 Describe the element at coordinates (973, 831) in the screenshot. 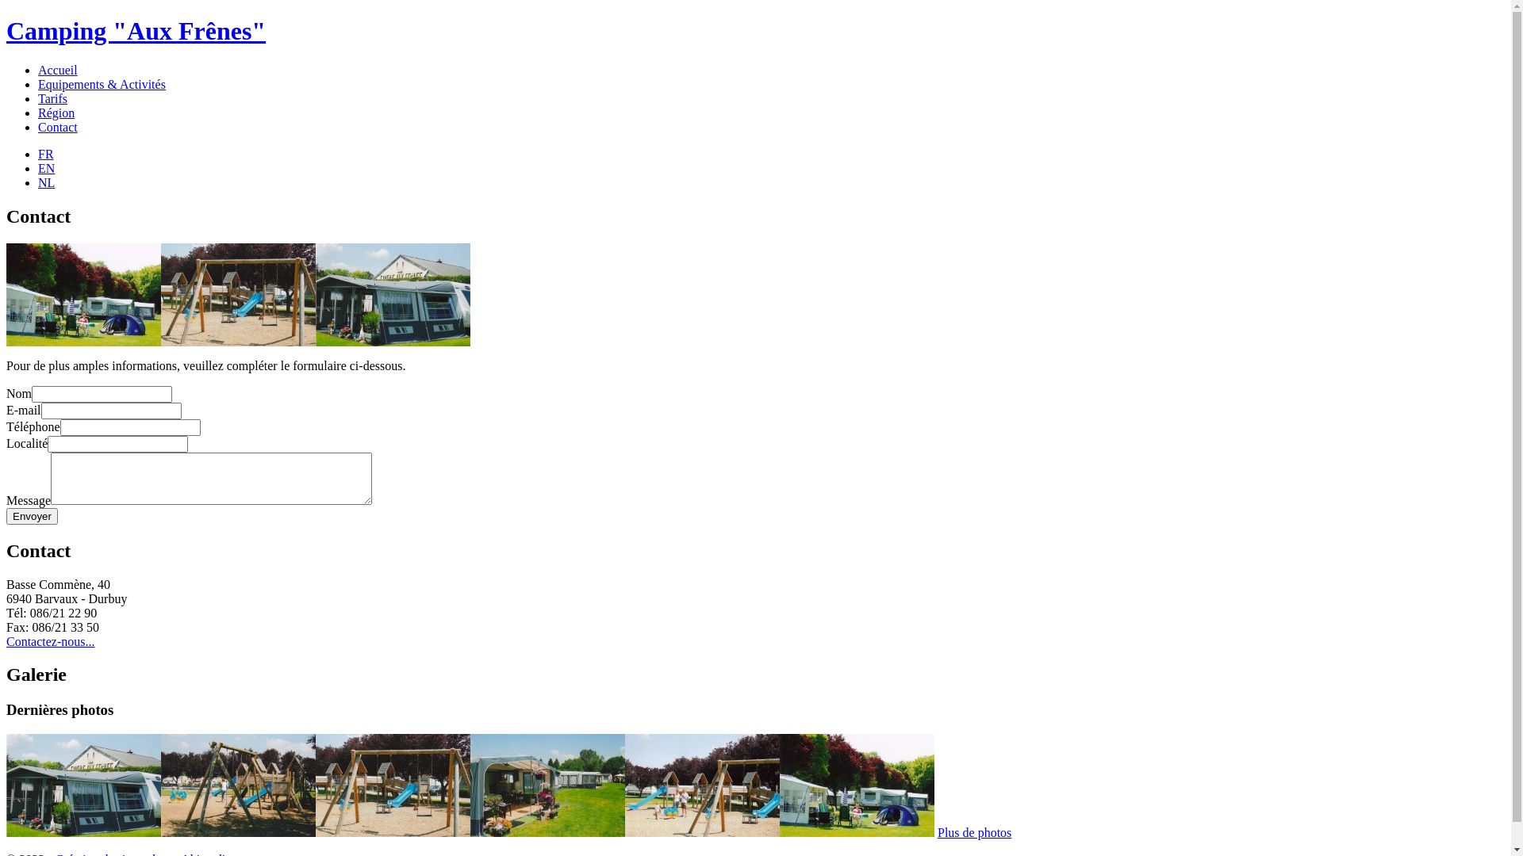

I see `'Plus de photos'` at that location.